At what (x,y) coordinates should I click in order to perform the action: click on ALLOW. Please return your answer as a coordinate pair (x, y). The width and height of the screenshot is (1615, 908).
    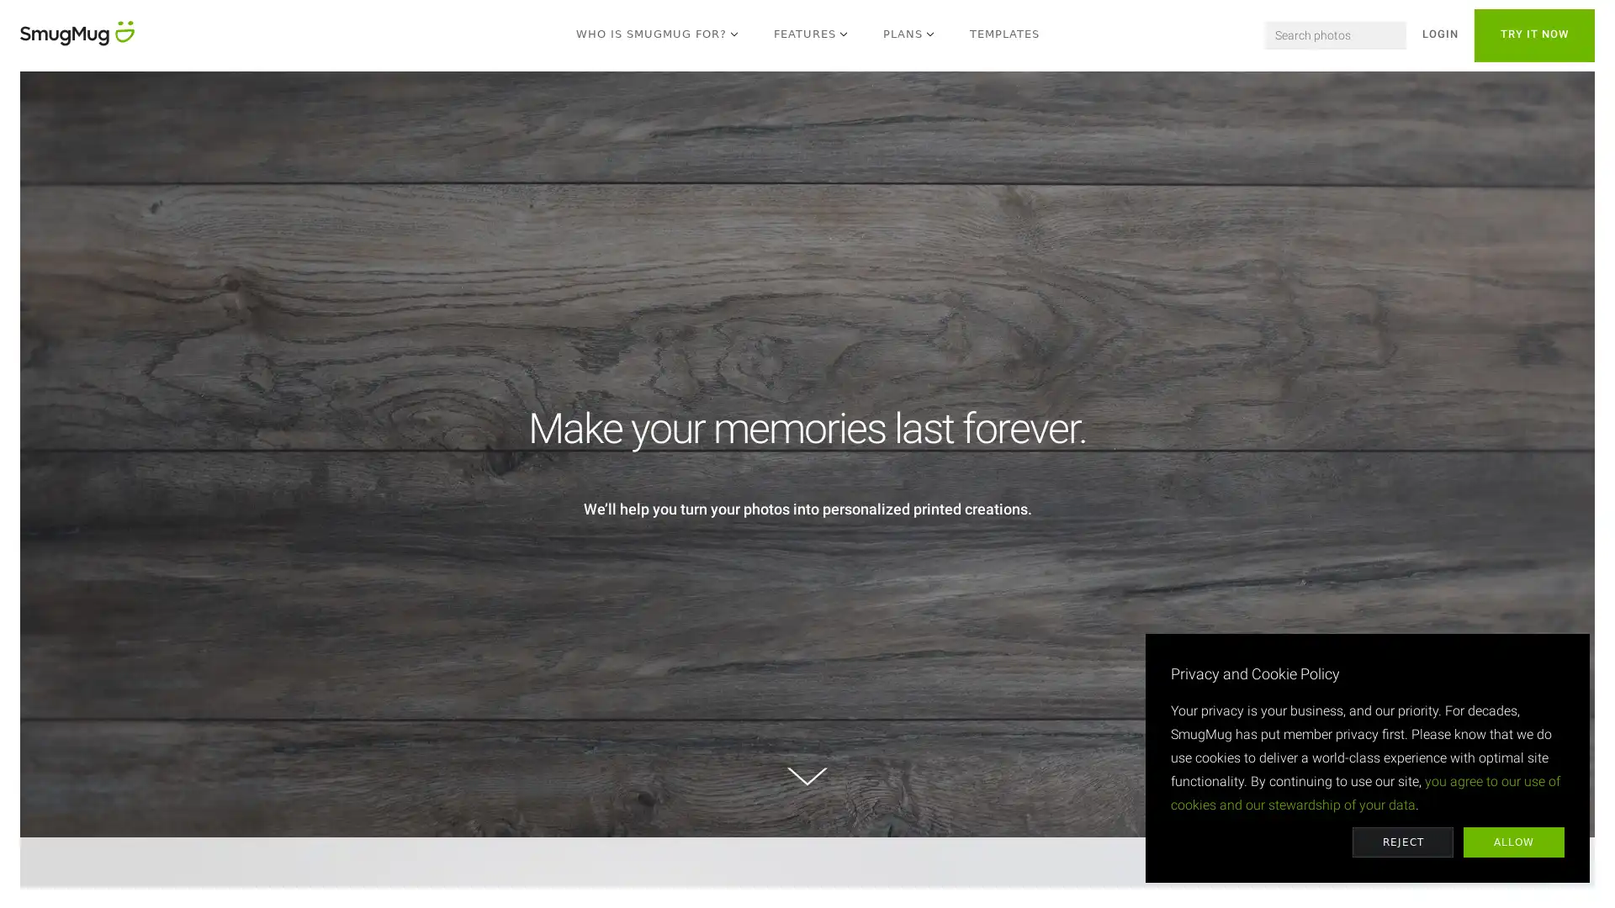
    Looking at the image, I should click on (1514, 842).